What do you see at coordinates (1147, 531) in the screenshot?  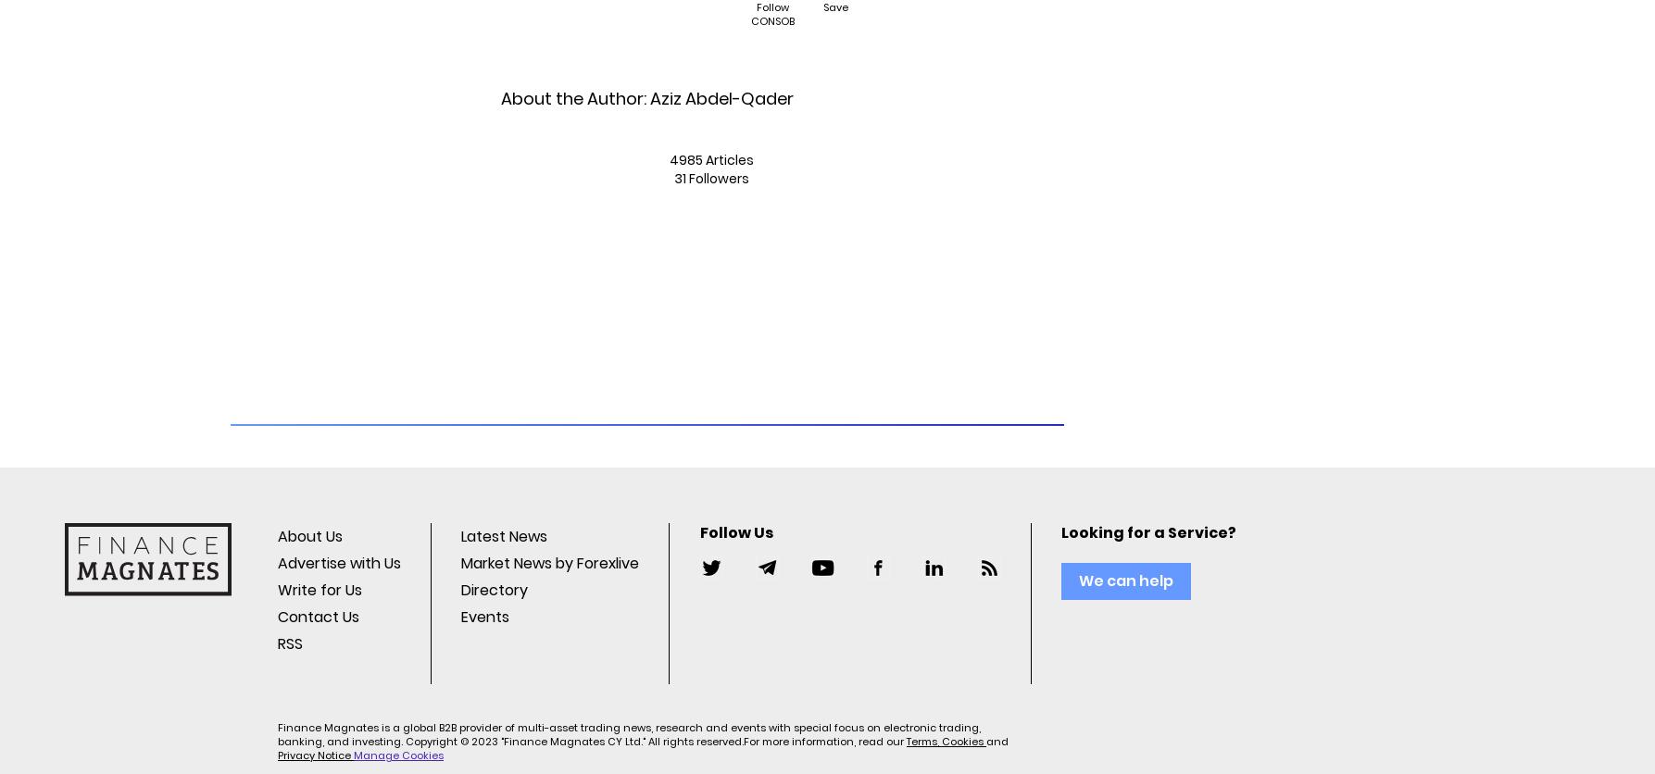 I see `'Looking for a Service?'` at bounding box center [1147, 531].